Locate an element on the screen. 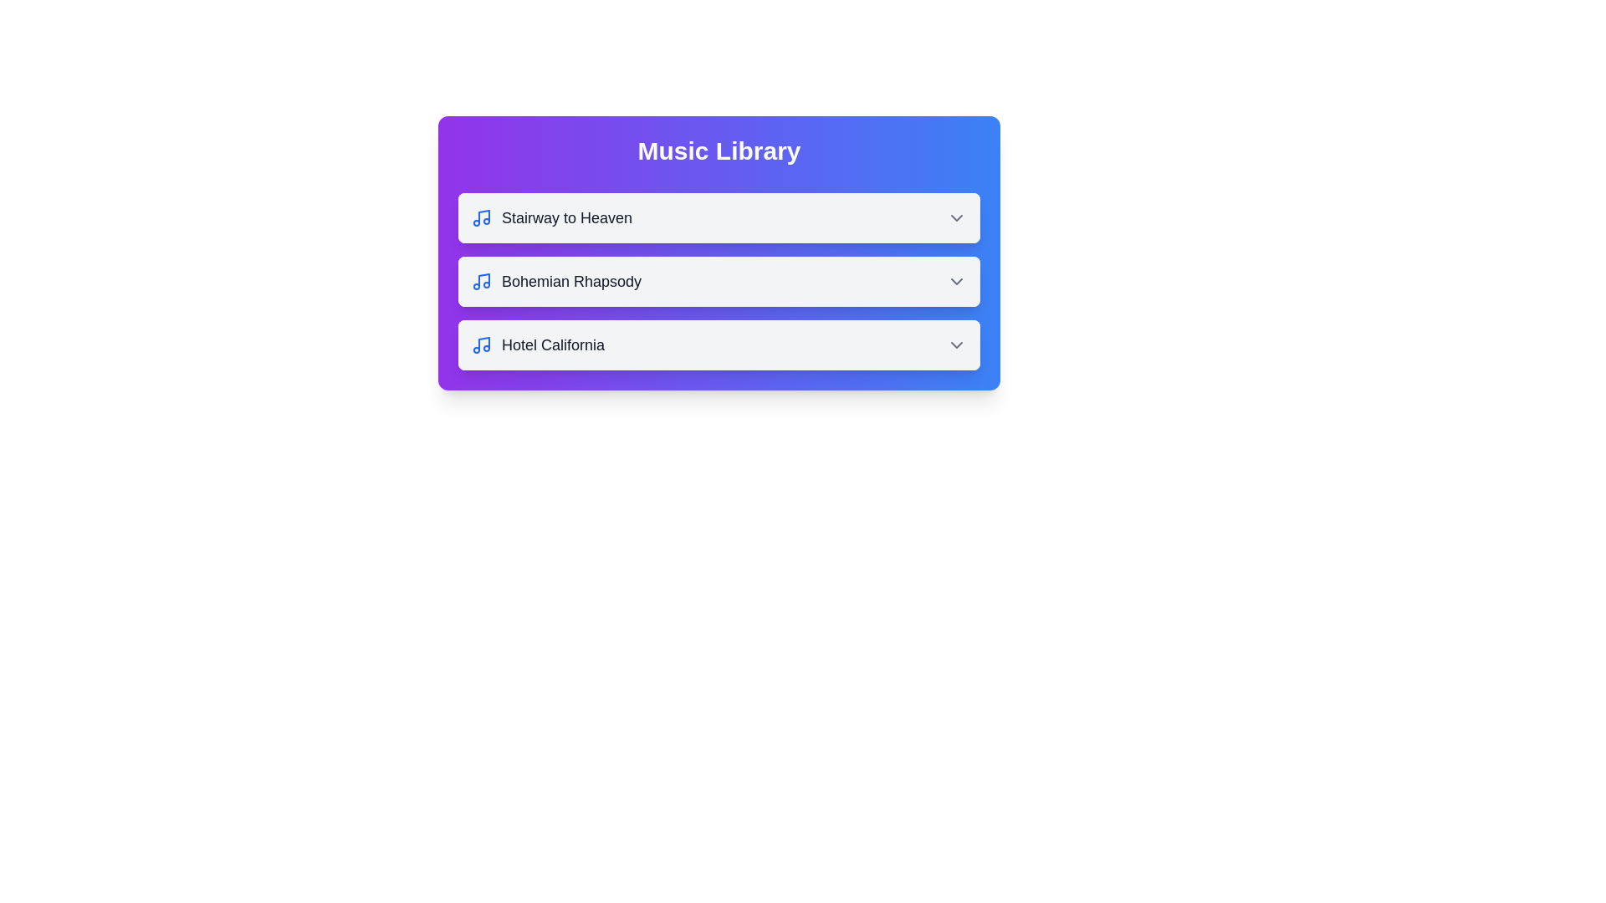 The height and width of the screenshot is (903, 1606). the song title displayed in the Label with an icon located in the 'Music Library' section, positioned as the second item between 'Stairway to Heaven' and 'Hotel California' is located at coordinates (556, 280).